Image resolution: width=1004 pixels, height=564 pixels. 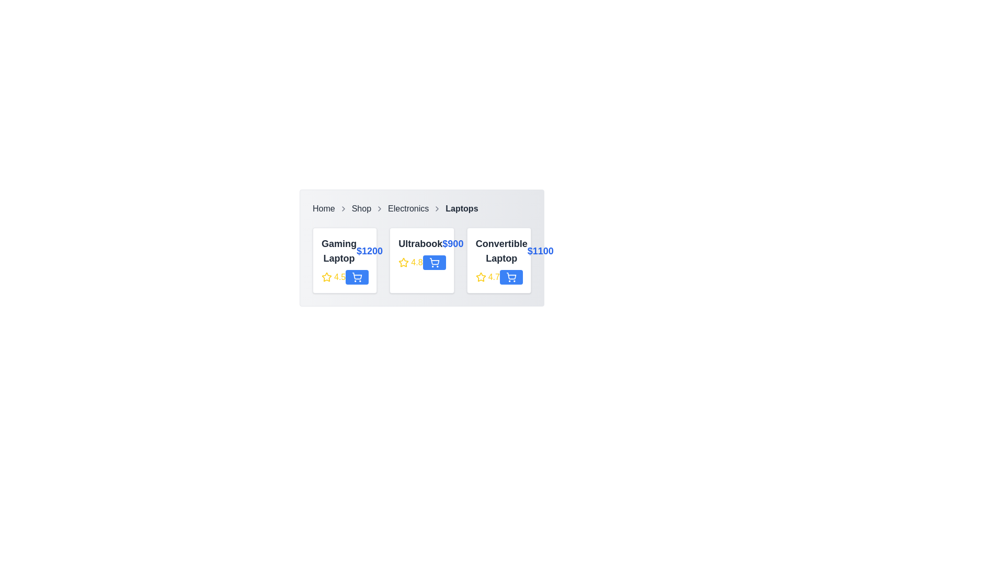 I want to click on any action buttons within the grid layout containing three laptop model blocks, styled with borders and distinct text formatting, so click(x=421, y=260).